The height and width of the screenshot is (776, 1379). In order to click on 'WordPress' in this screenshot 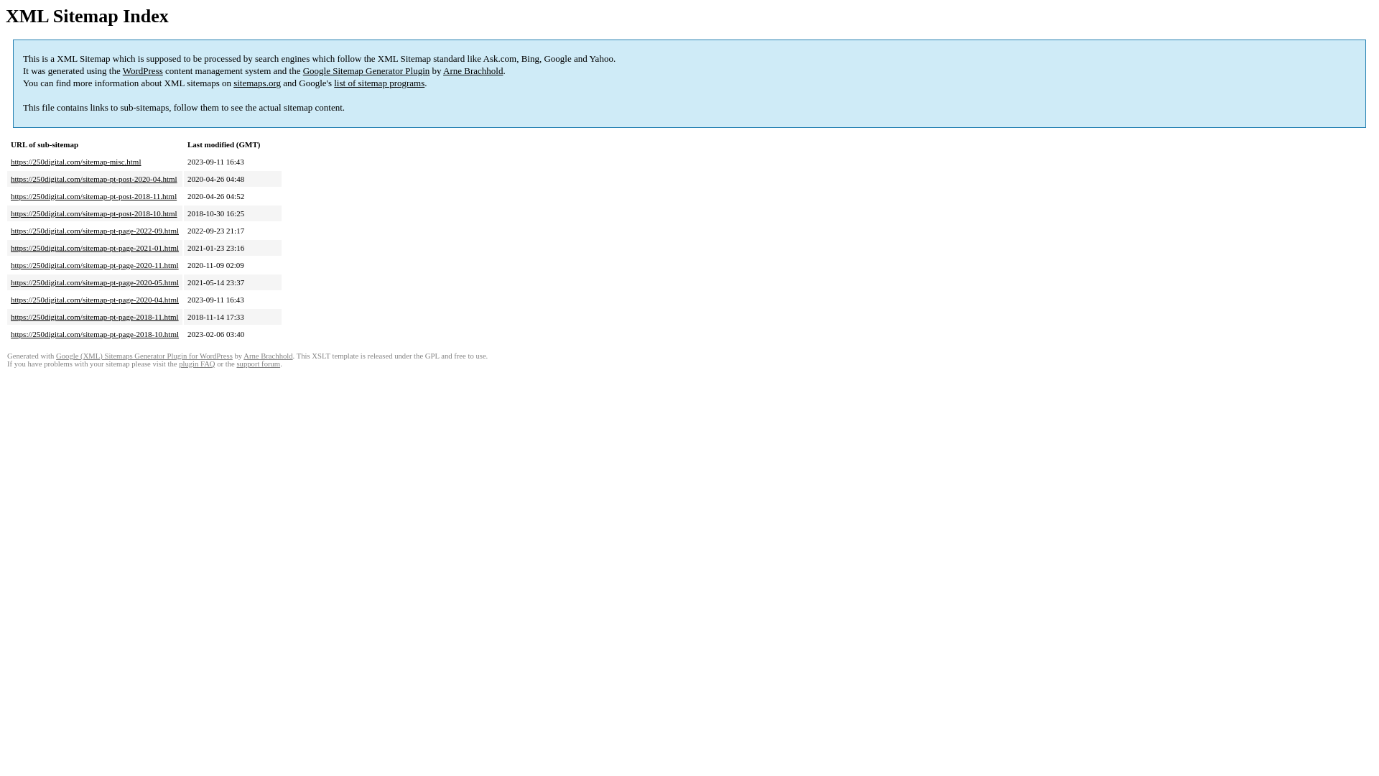, I will do `click(142, 70)`.